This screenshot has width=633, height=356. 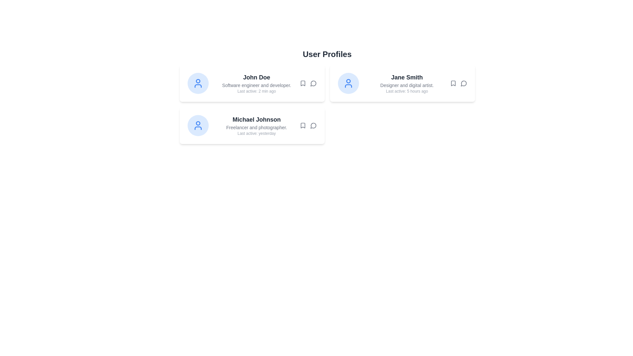 What do you see at coordinates (256, 126) in the screenshot?
I see `text information block displaying 'Michael Johnson', which includes the description 'Freelancer and photographer.' and status 'Last active: yesterday'` at bounding box center [256, 126].